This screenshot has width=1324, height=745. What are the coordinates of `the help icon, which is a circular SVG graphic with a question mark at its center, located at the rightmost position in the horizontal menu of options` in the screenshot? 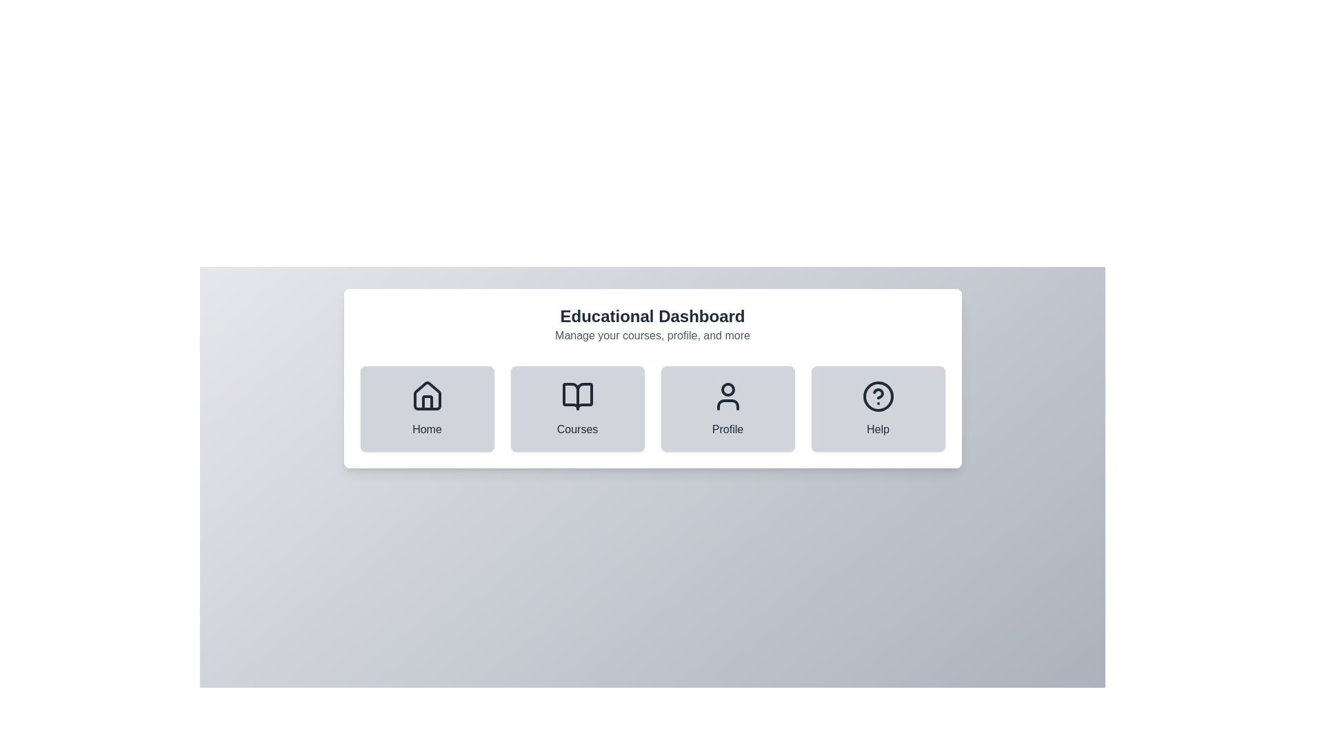 It's located at (877, 396).